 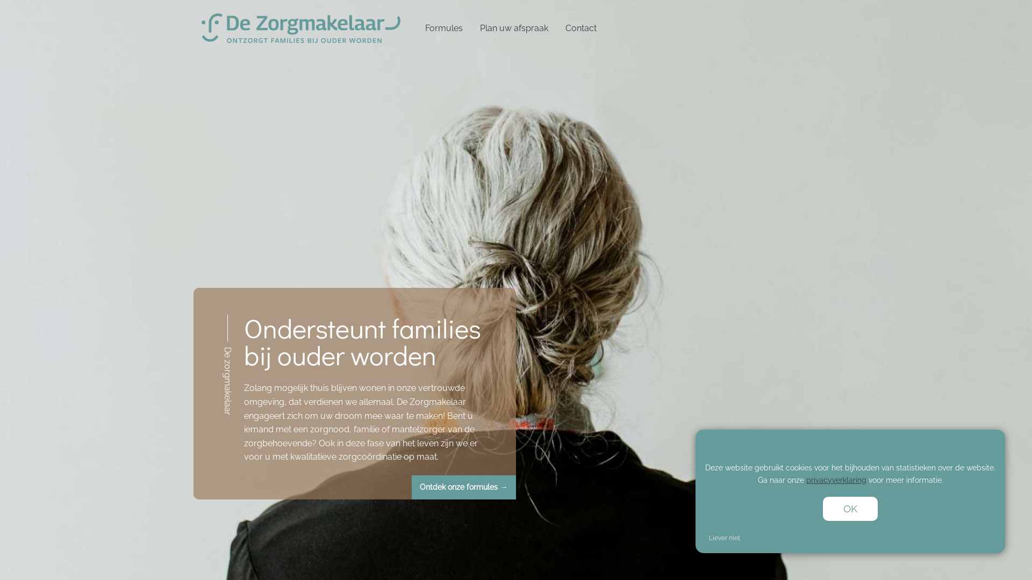 I want to click on 'Liever niet', so click(x=725, y=538).